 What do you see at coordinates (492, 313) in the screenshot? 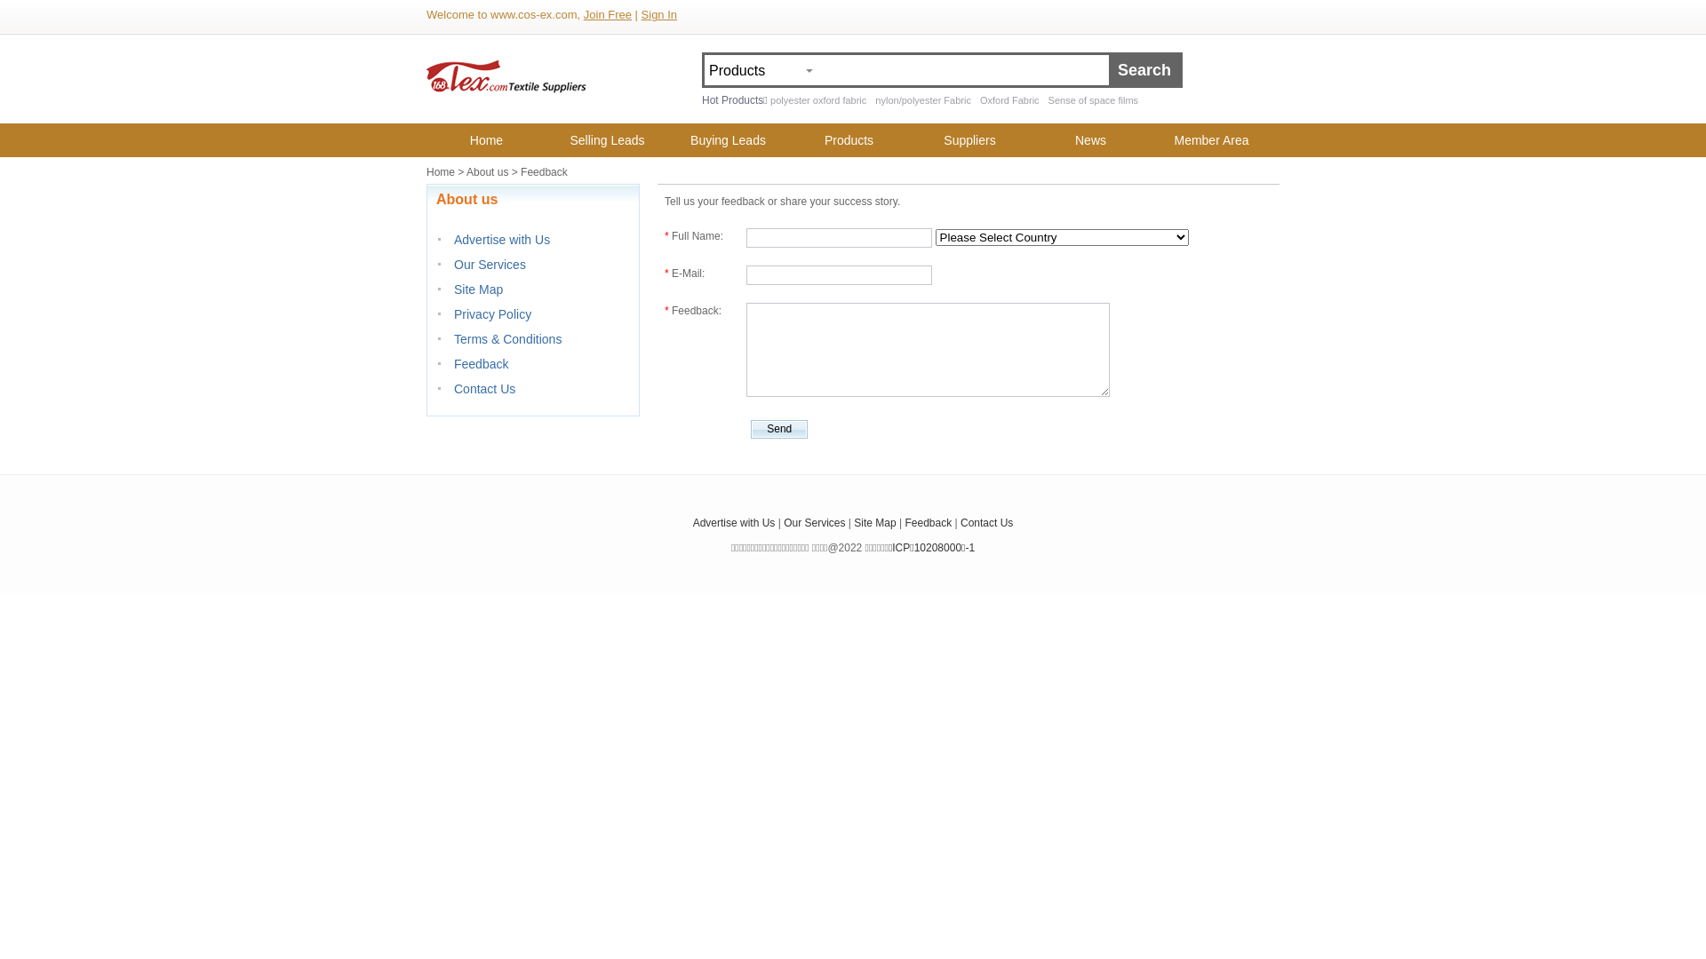
I see `'Privacy Policy'` at bounding box center [492, 313].